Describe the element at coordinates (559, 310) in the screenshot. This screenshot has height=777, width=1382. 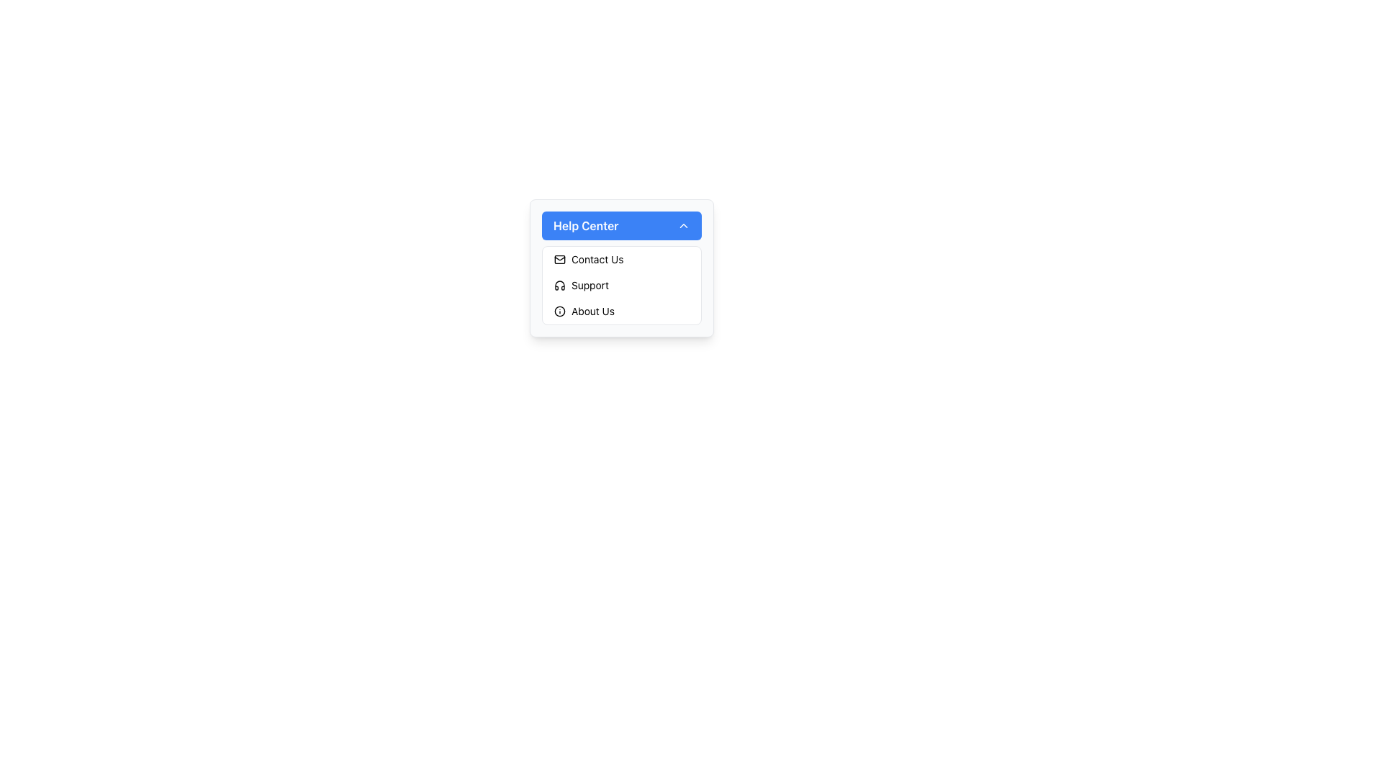
I see `the circular outline element with a thin stroke, located to the left of the 'Contact Us' text` at that location.